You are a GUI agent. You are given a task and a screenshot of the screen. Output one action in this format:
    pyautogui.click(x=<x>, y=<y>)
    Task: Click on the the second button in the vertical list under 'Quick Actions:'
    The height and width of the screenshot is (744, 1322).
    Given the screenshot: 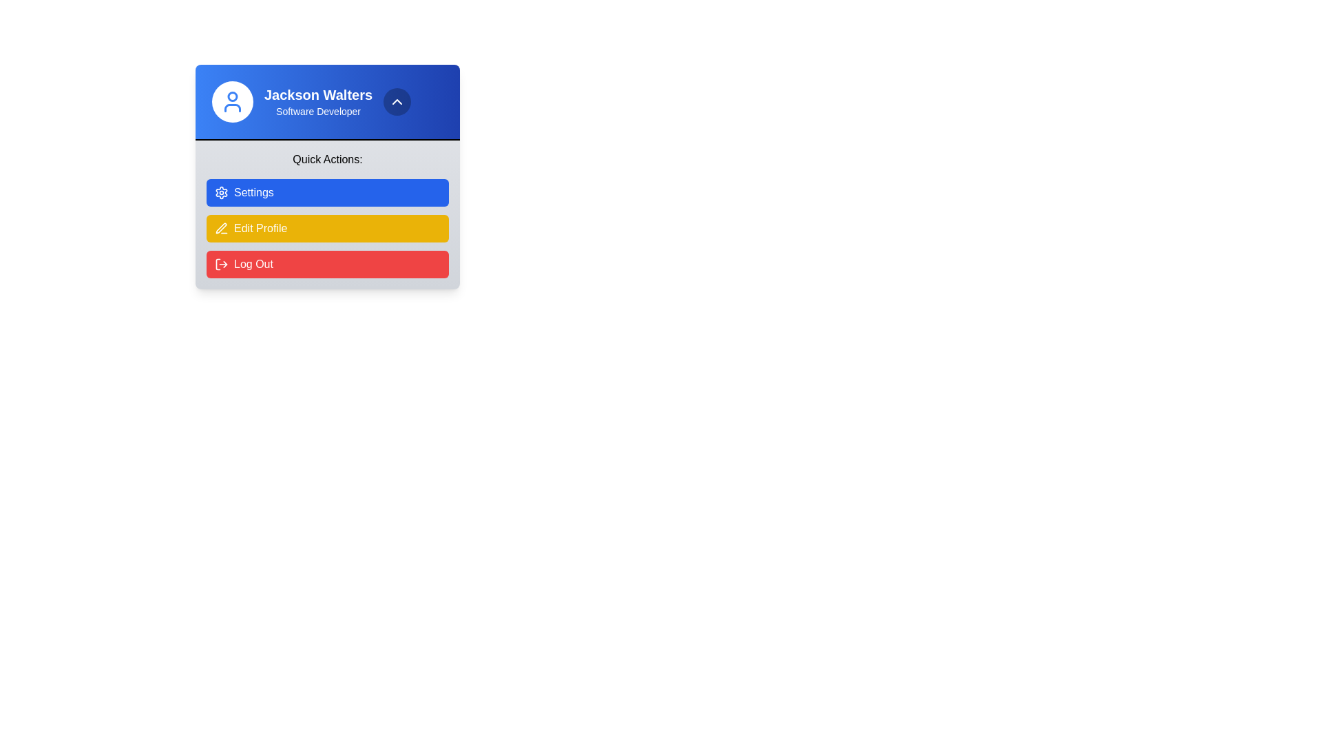 What is the action you would take?
    pyautogui.click(x=326, y=227)
    